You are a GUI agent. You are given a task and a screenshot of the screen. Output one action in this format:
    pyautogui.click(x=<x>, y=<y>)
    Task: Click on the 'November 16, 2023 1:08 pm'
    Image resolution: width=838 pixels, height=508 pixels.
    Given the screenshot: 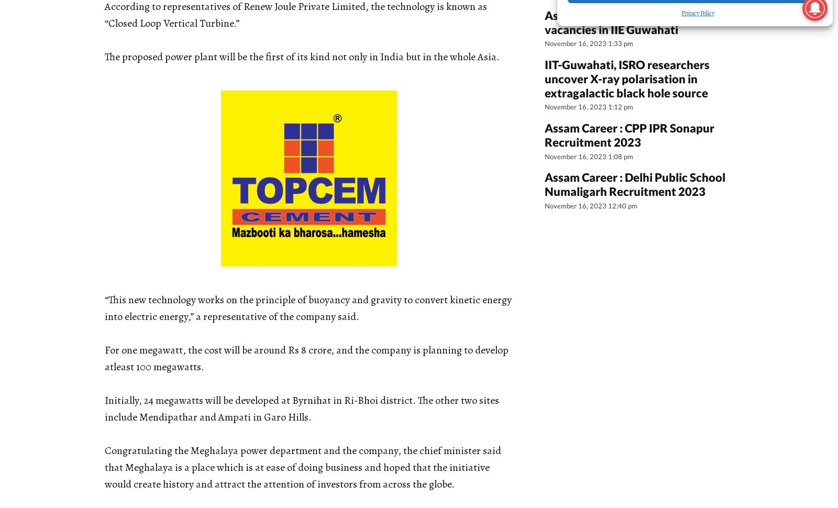 What is the action you would take?
    pyautogui.click(x=589, y=156)
    